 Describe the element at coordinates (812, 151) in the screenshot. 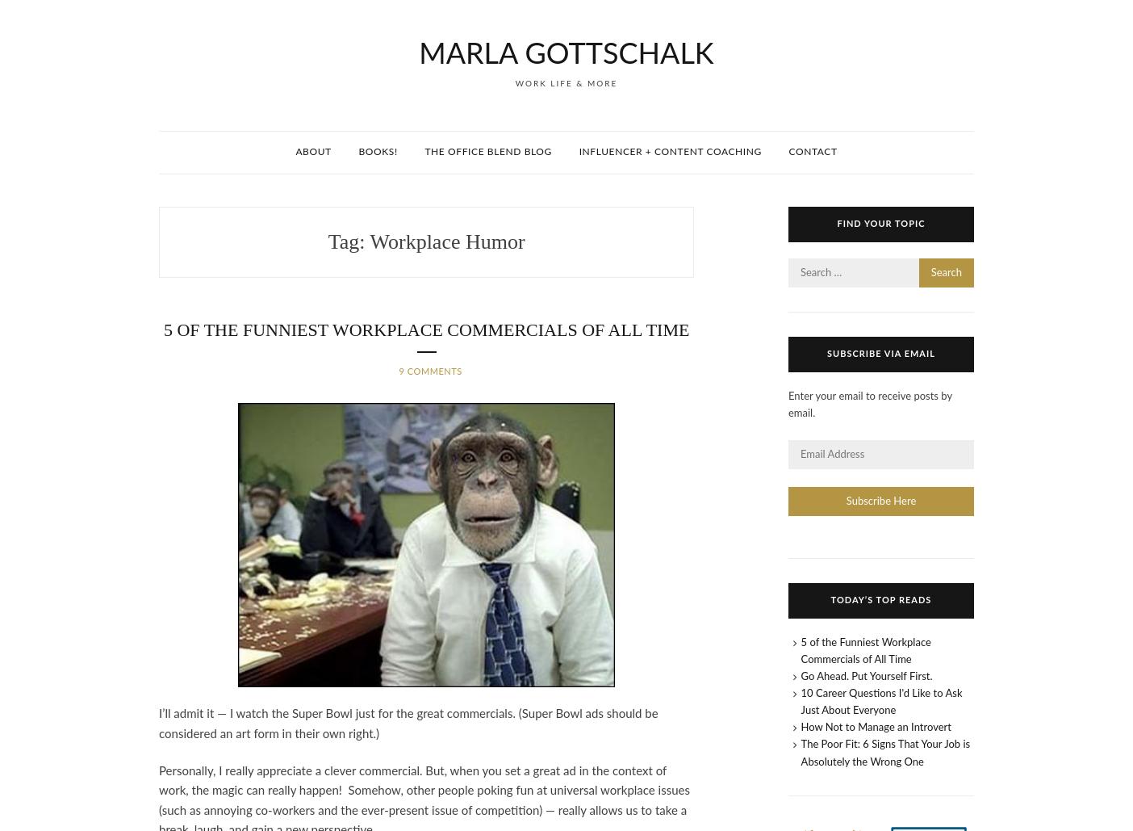

I see `'Contact'` at that location.